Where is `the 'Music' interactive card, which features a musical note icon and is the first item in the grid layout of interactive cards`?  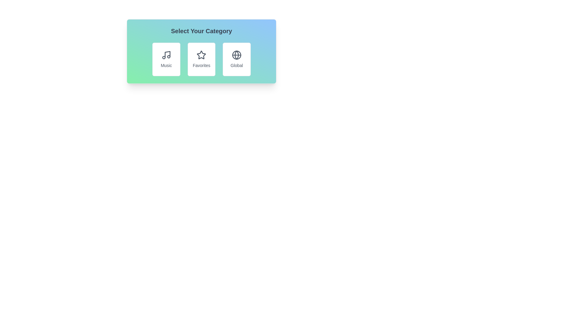
the 'Music' interactive card, which features a musical note icon and is the first item in the grid layout of interactive cards is located at coordinates (166, 59).